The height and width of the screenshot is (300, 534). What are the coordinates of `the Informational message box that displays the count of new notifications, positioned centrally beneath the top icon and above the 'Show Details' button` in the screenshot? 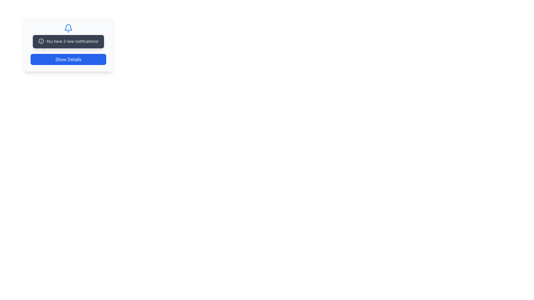 It's located at (68, 41).